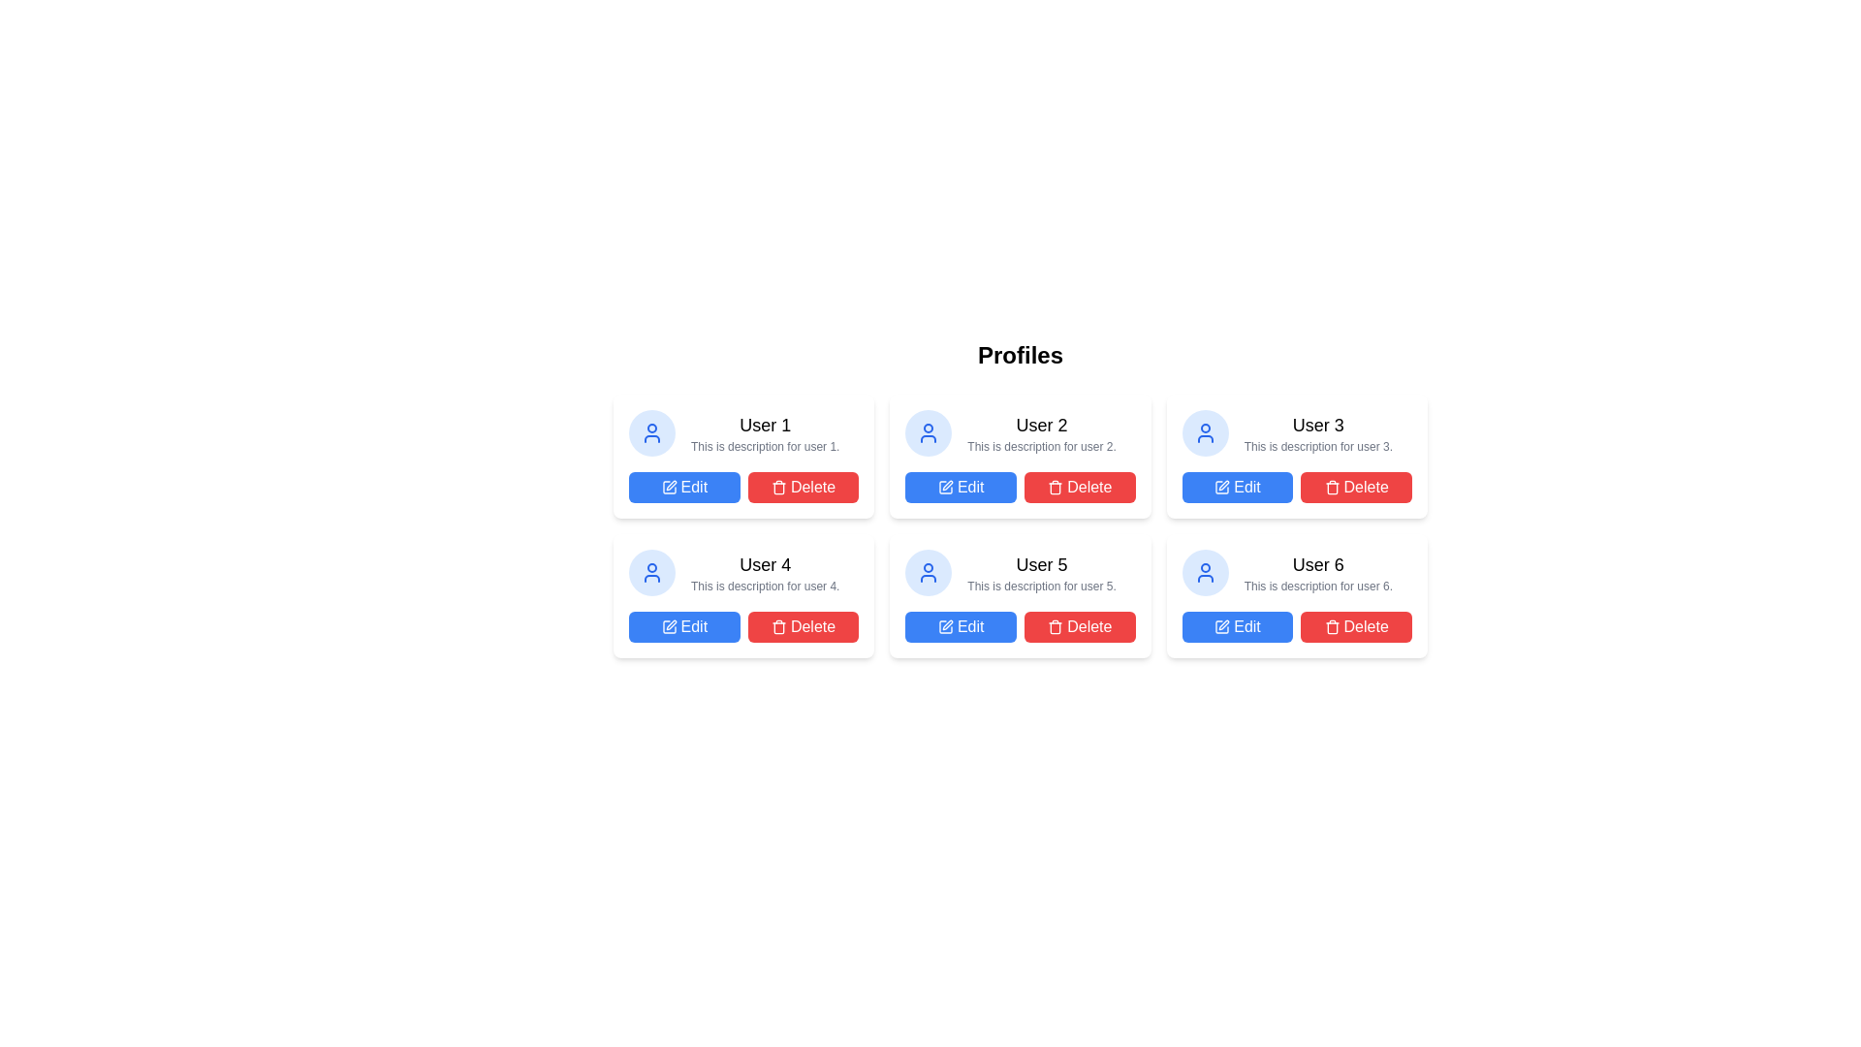 The height and width of the screenshot is (1047, 1861). What do you see at coordinates (1318, 571) in the screenshot?
I see `text content of the descriptive text block for 'User 6' located in the bottom-right corner of the layout on the sixth profile card` at bounding box center [1318, 571].